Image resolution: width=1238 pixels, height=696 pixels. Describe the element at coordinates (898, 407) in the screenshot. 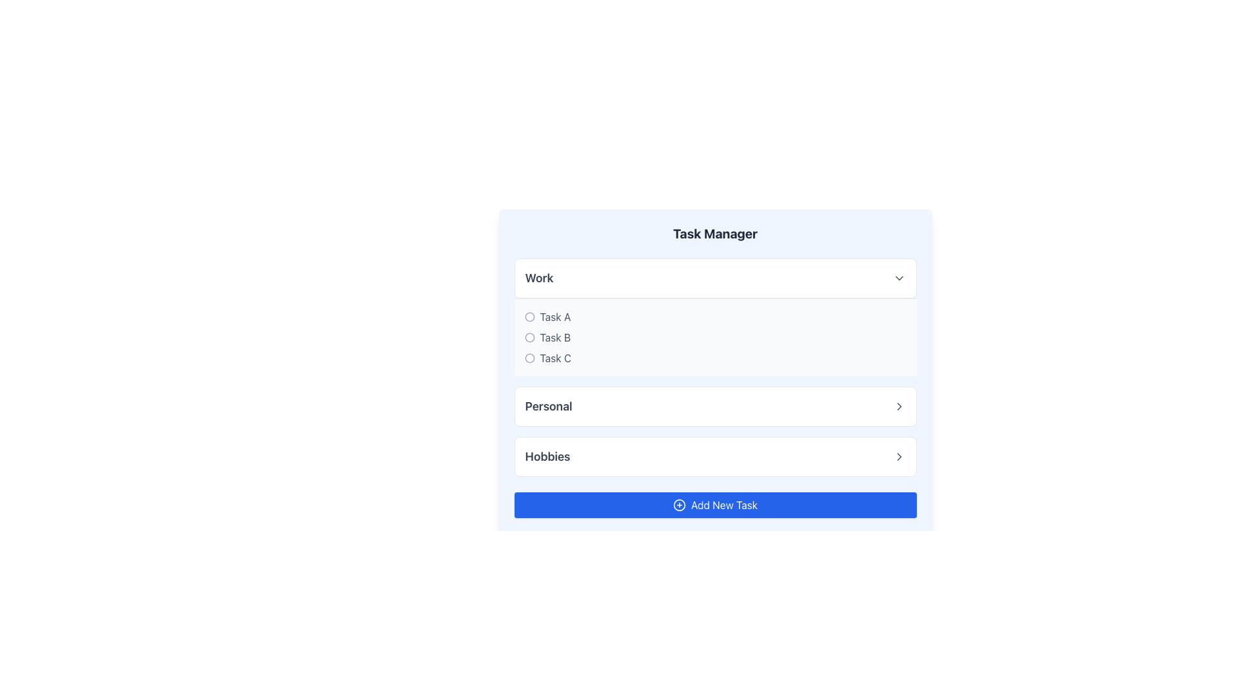

I see `the Chevron SVG icon, which indicates an expandable or collapsible section, located right of the 'Personal' label` at that location.